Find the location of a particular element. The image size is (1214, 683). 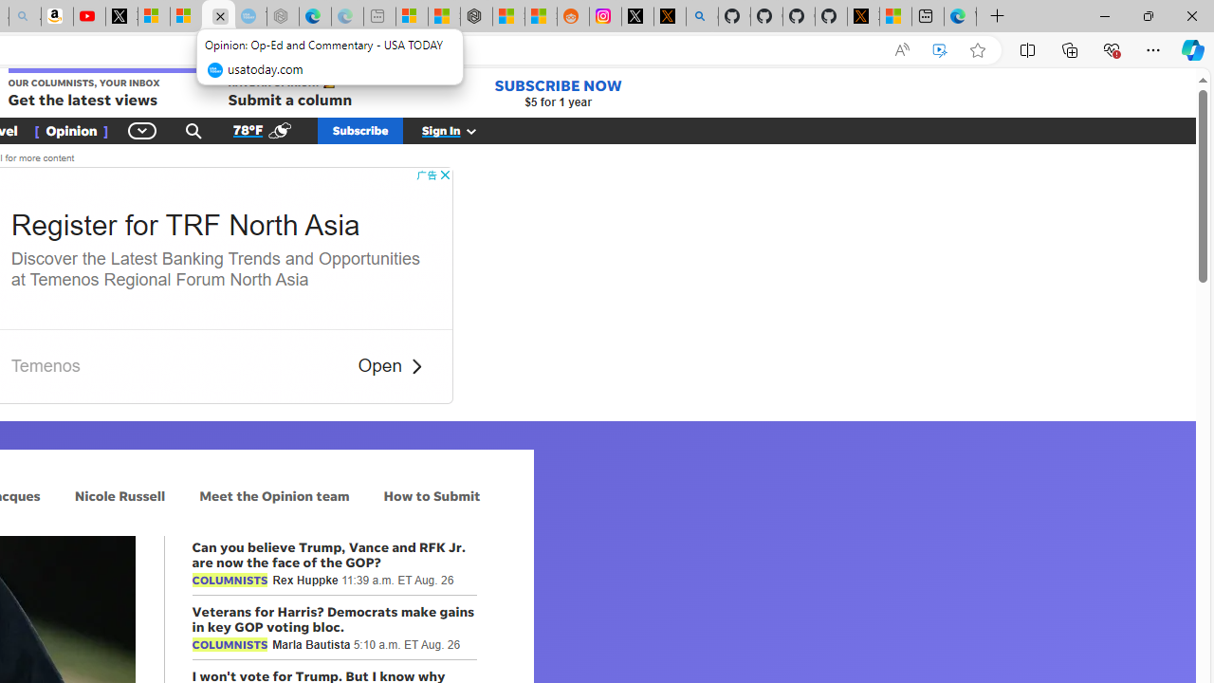

'Register for TRF North Asia' is located at coordinates (185, 224).